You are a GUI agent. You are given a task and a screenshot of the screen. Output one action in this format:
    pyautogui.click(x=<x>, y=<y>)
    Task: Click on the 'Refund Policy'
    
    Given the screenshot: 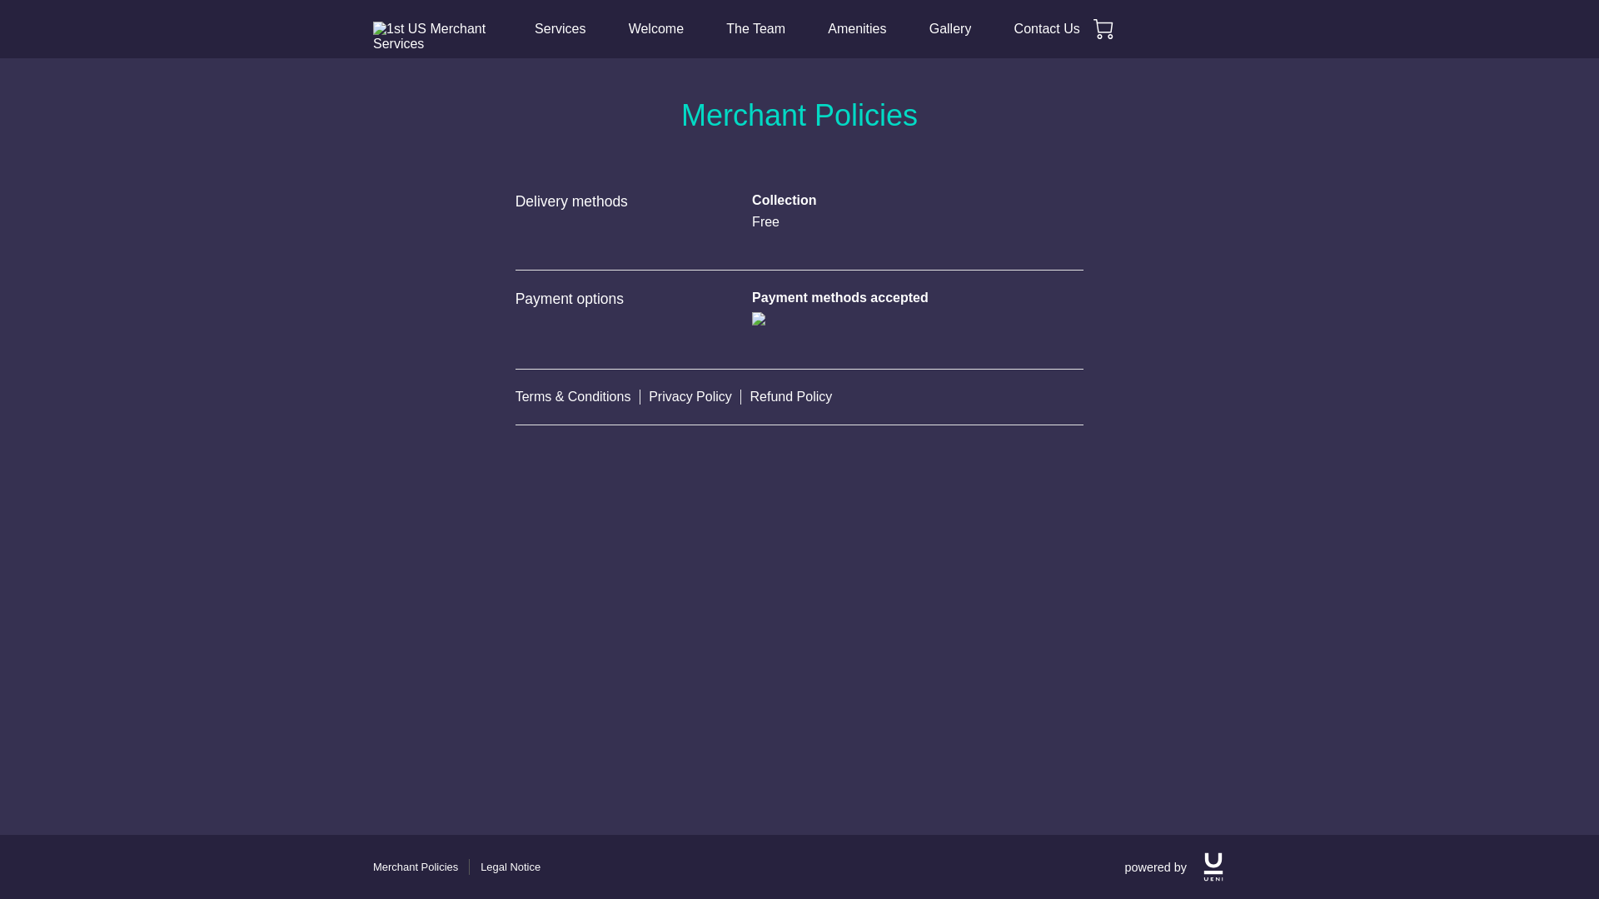 What is the action you would take?
    pyautogui.click(x=790, y=397)
    